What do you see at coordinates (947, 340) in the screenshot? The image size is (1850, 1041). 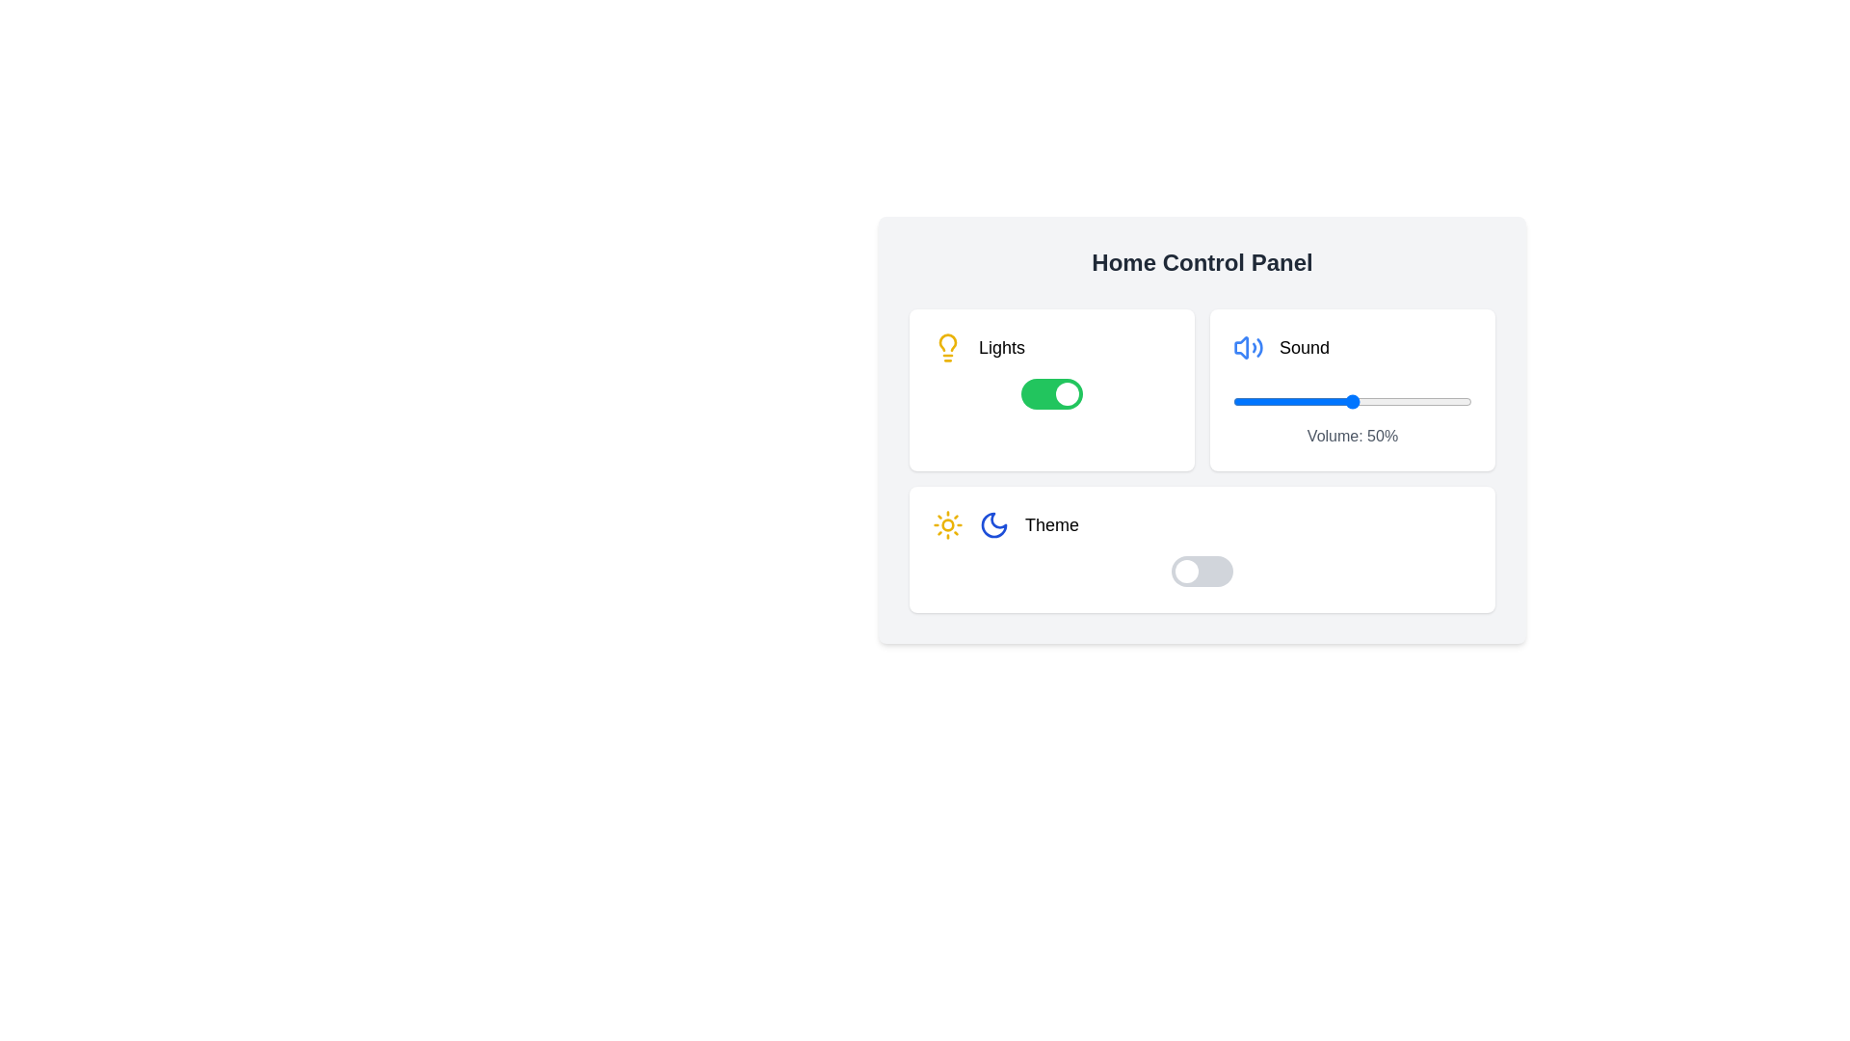 I see `the lighting feature icon in the control panel, which is located in the upper-left cell next to the 'Lights' label and above the toggle switch` at bounding box center [947, 340].